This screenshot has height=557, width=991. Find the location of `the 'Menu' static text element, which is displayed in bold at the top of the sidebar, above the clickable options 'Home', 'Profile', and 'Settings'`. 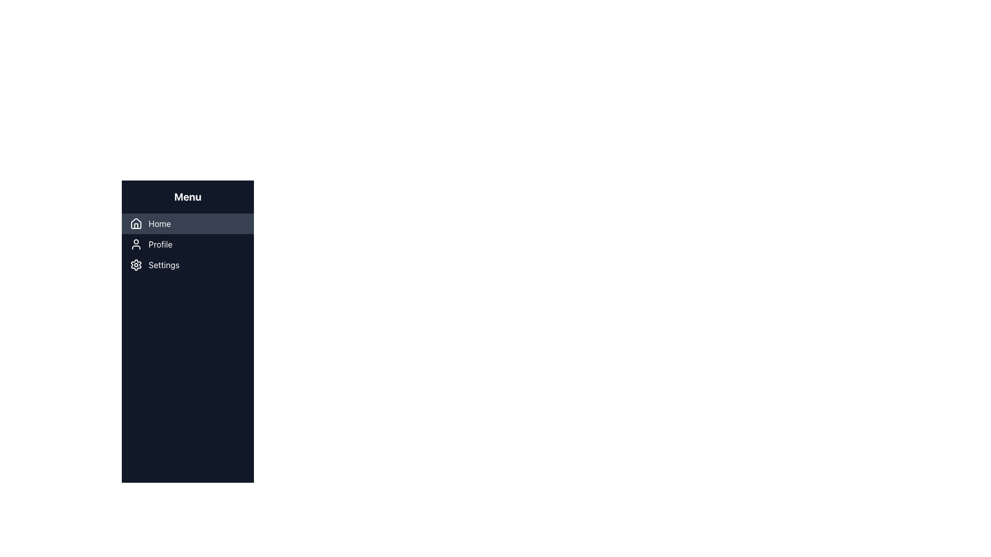

the 'Menu' static text element, which is displayed in bold at the top of the sidebar, above the clickable options 'Home', 'Profile', and 'Settings' is located at coordinates (188, 196).